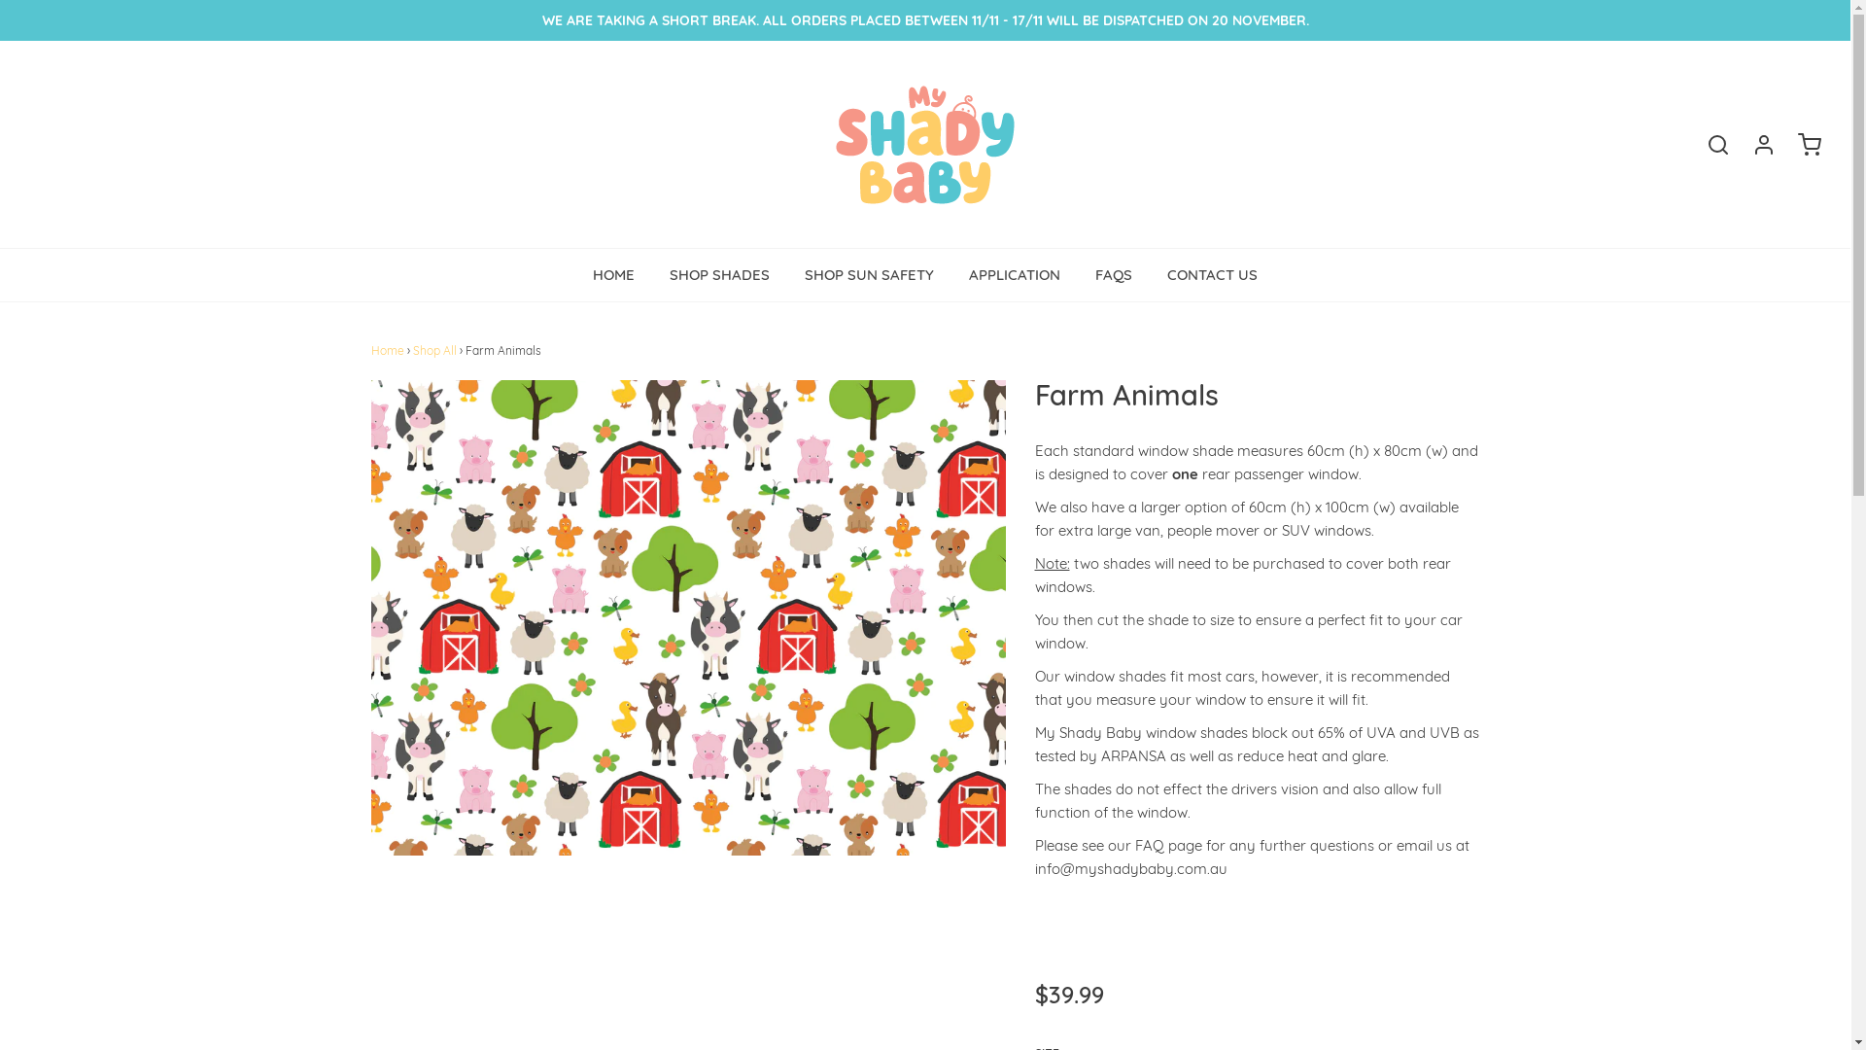  I want to click on 'FAQS', so click(1114, 274).